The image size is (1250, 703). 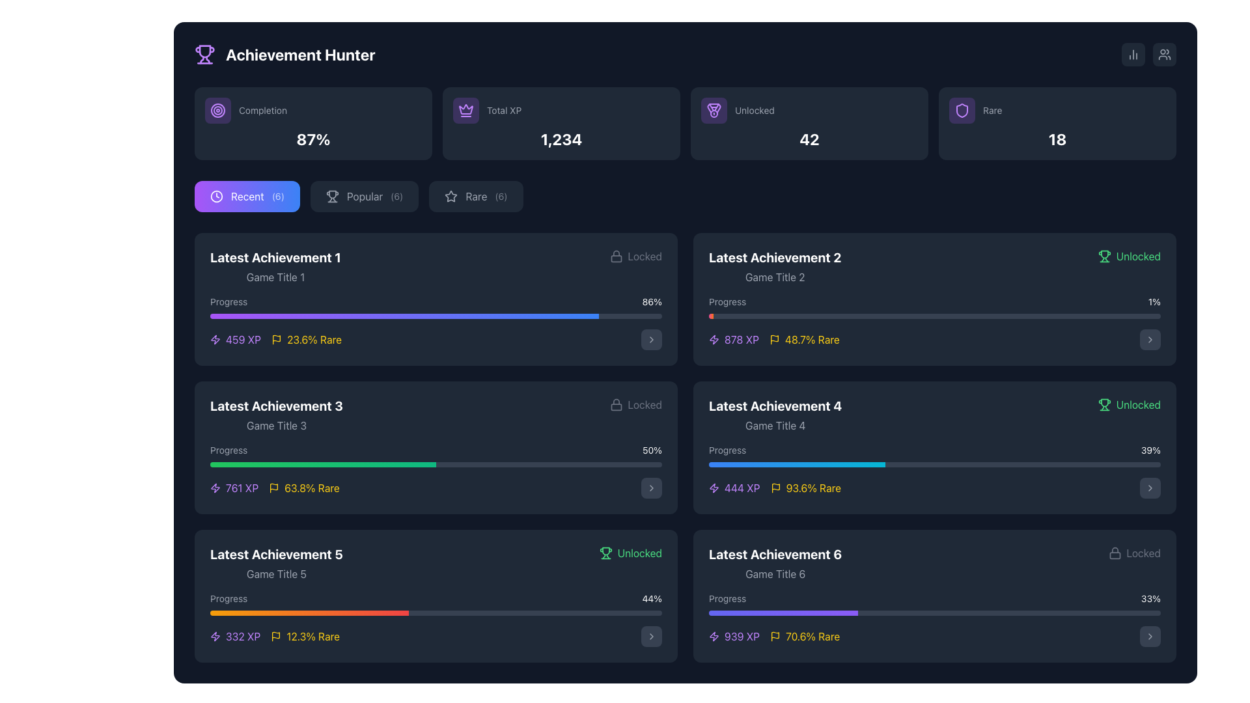 I want to click on the text label indicating the rarity of the achievement, which displays 'Rare' and is located to the right of the XP indicator in the 'Latest Achievement 5' section, so click(x=313, y=636).